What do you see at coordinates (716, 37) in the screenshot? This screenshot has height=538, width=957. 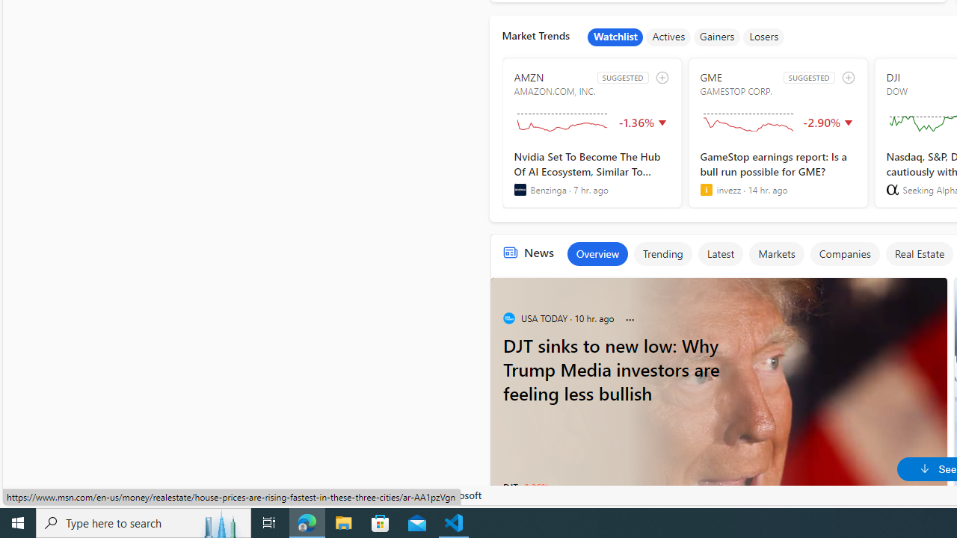 I see `'Gainers'` at bounding box center [716, 37].